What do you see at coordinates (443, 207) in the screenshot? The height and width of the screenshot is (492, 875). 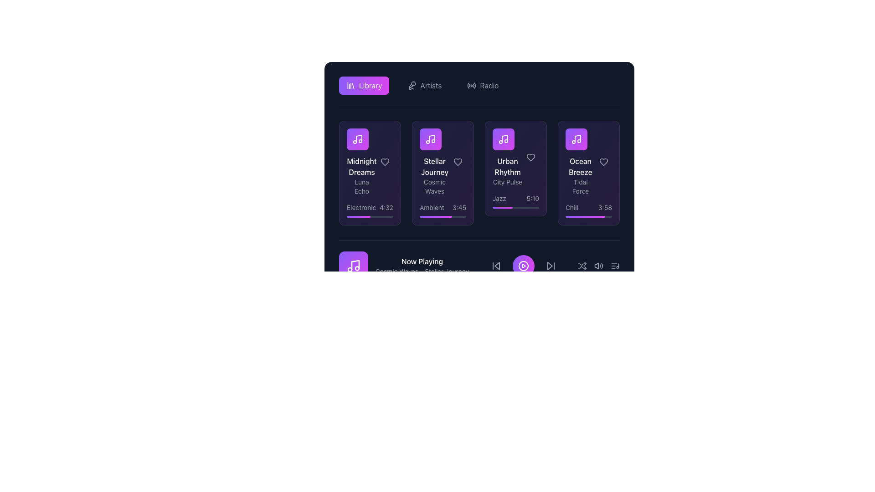 I see `displayed information in the text information display for the 'Stellar Journey' track, which shows 'Ambient' and the duration '3:45'` at bounding box center [443, 207].